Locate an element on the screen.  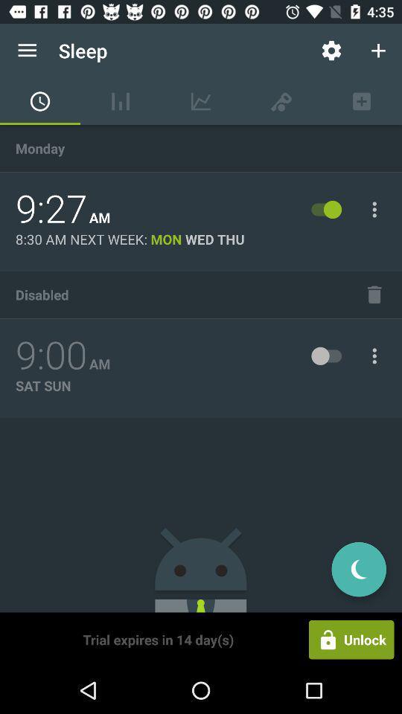
the item next to disabled icon is located at coordinates (374, 294).